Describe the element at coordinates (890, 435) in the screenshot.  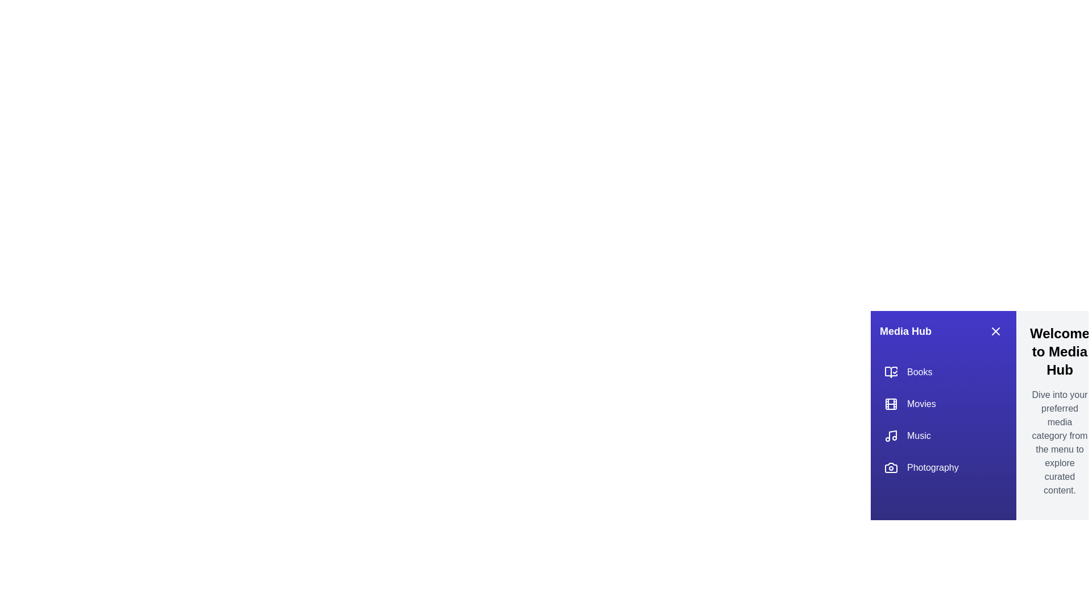
I see `the icon for the category Music` at that location.